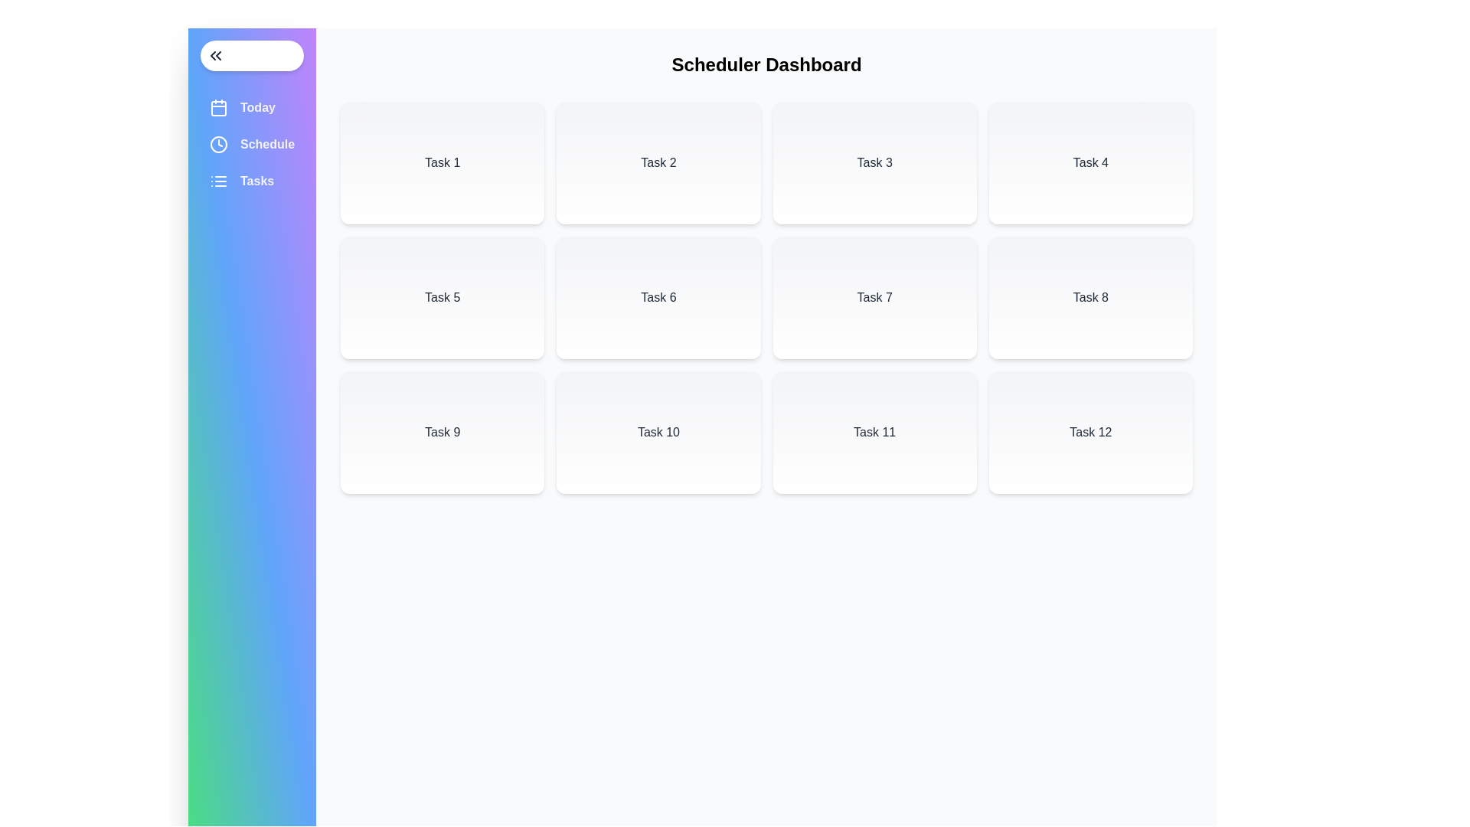 The image size is (1470, 827). What do you see at coordinates (252, 107) in the screenshot?
I see `the 'Today' menu item in the sidebar` at bounding box center [252, 107].